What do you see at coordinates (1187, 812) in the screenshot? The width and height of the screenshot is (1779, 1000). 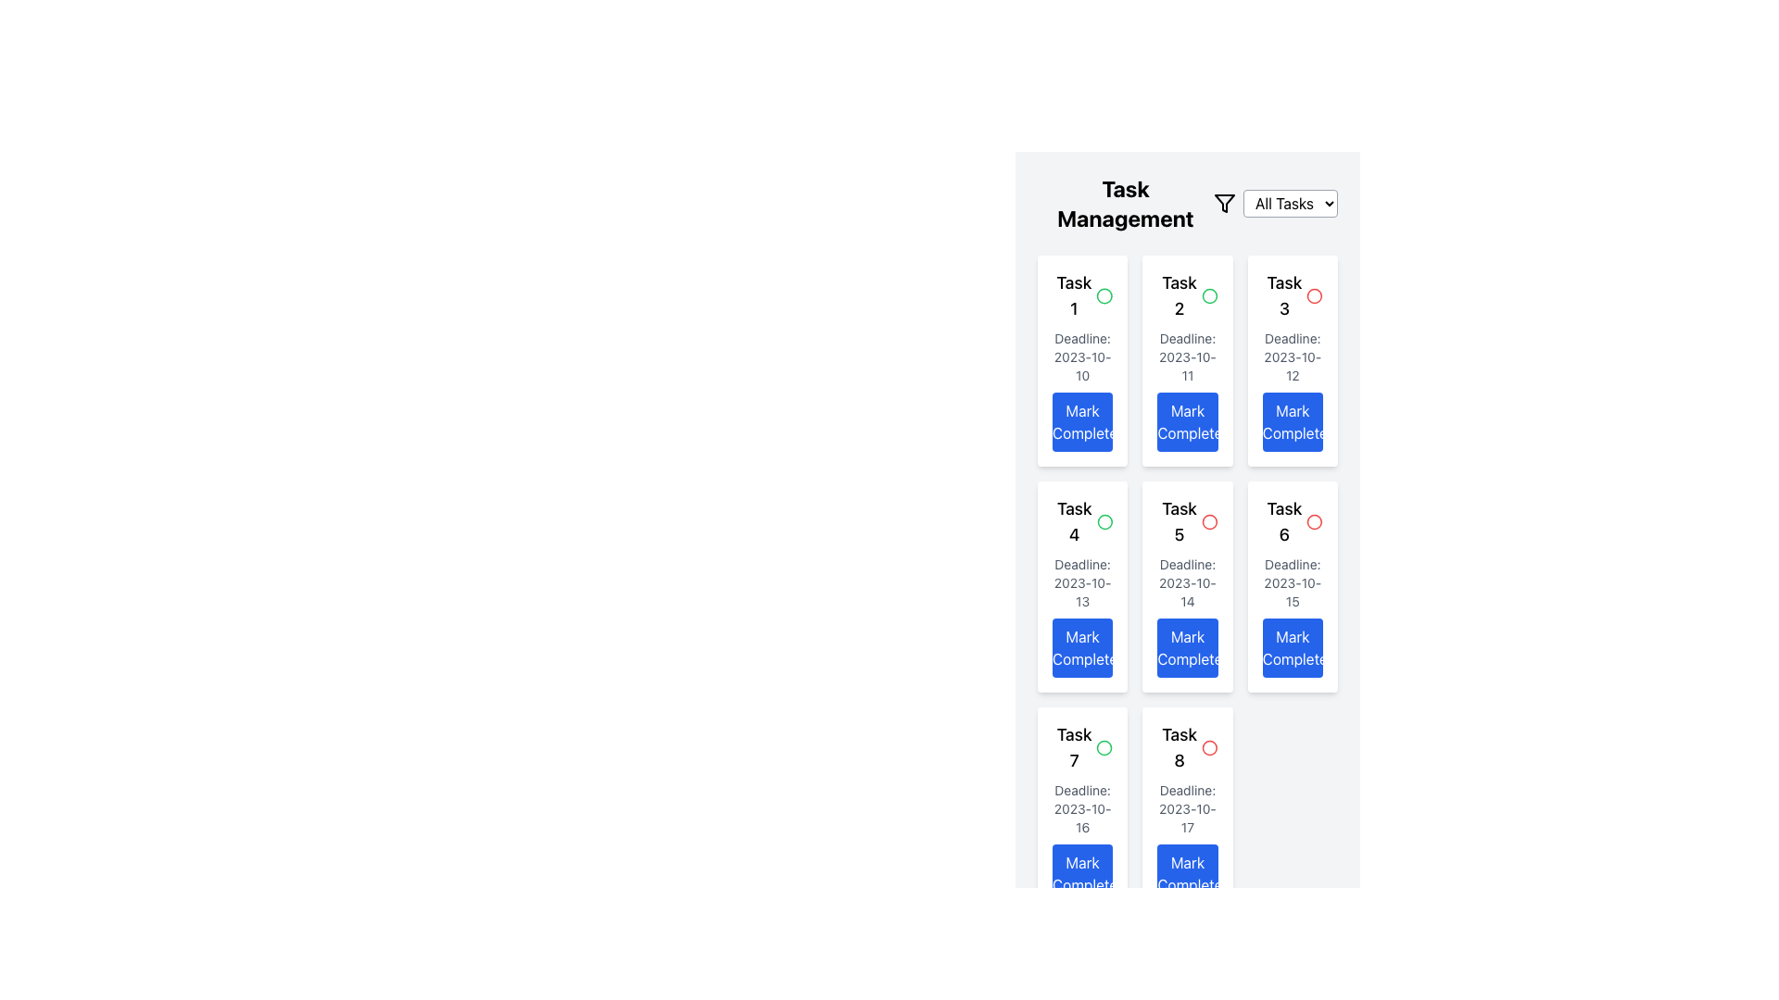 I see `task details from the task card located in the bottom-right corner of the grid layout, which displays the title, deadline, and a button for marking the task as completed` at bounding box center [1187, 812].